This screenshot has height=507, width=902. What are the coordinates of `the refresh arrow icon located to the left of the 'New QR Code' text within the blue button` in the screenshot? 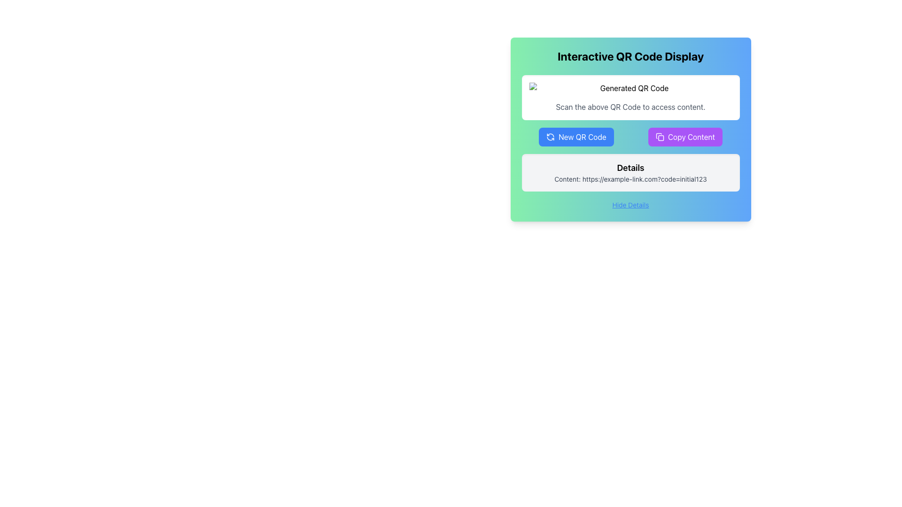 It's located at (551, 137).